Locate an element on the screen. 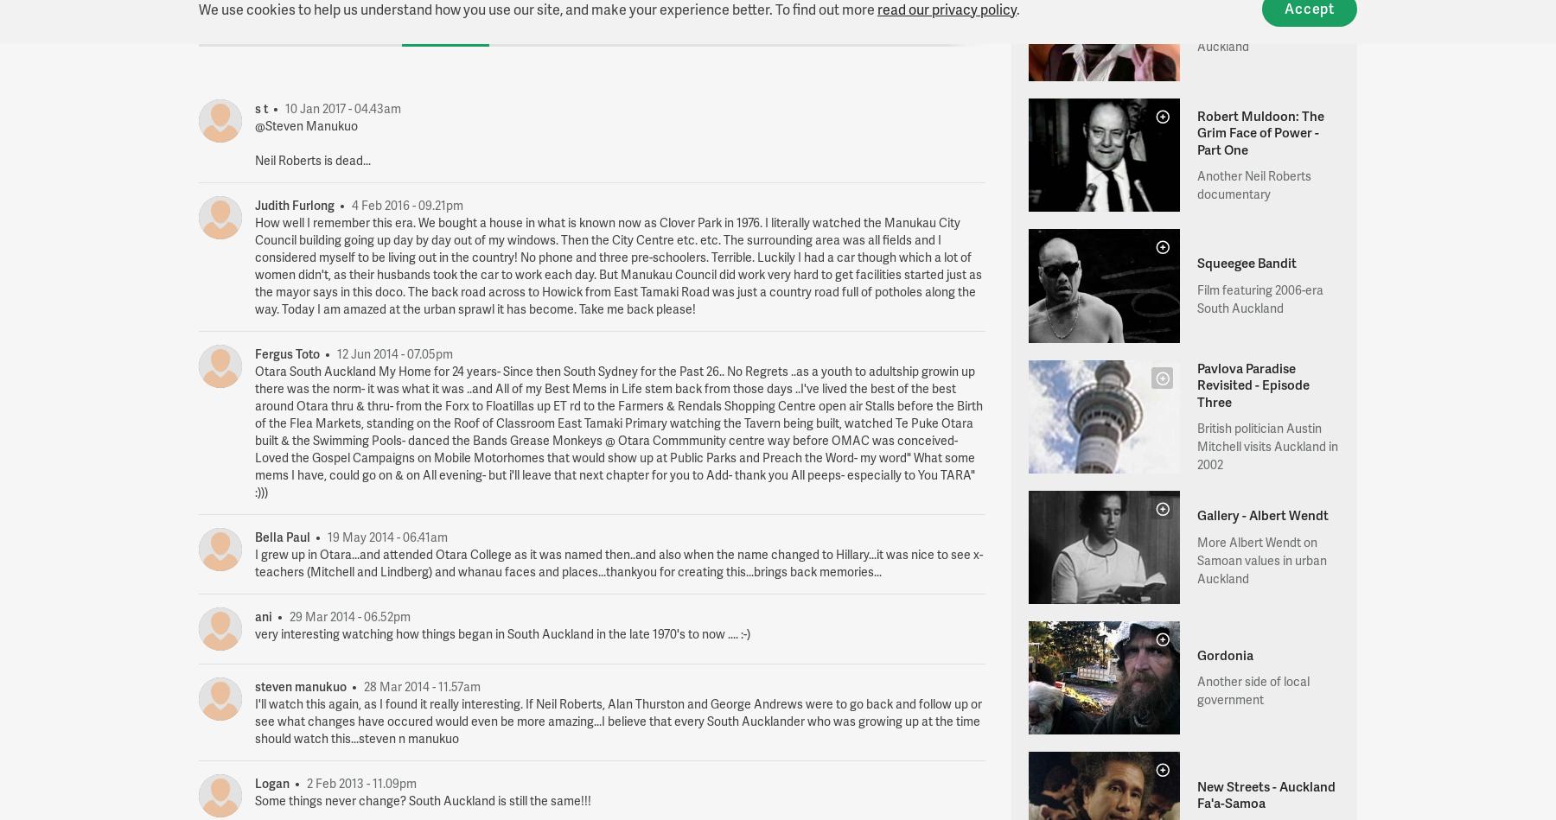  'Overview' is located at coordinates (227, 22).